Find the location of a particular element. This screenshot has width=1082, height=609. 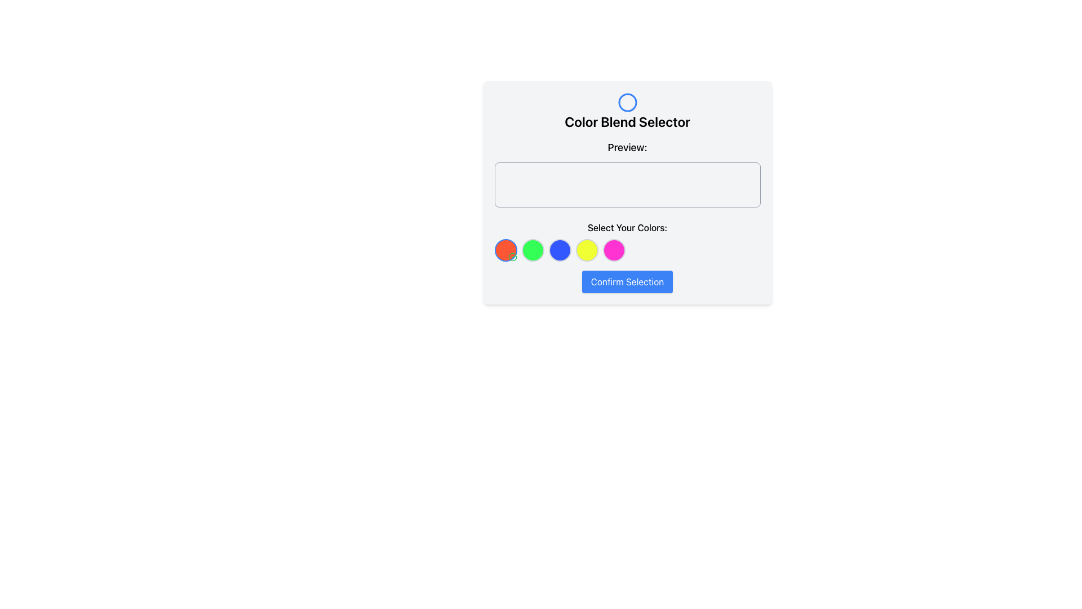

the rectangular blue button labeled 'Confirm Selection' to observe the hover effect is located at coordinates (627, 281).